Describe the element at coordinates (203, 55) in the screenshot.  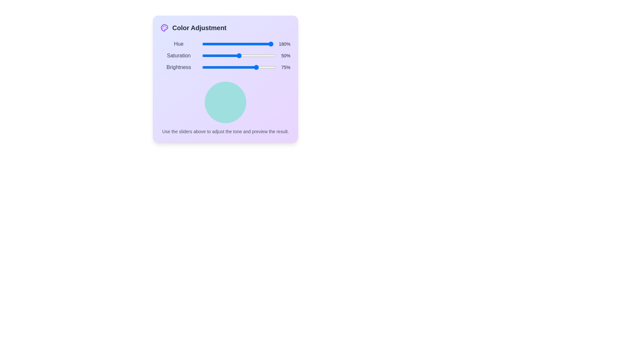
I see `the 1 slider to 2% to observe the resulting color in the preview circle` at that location.